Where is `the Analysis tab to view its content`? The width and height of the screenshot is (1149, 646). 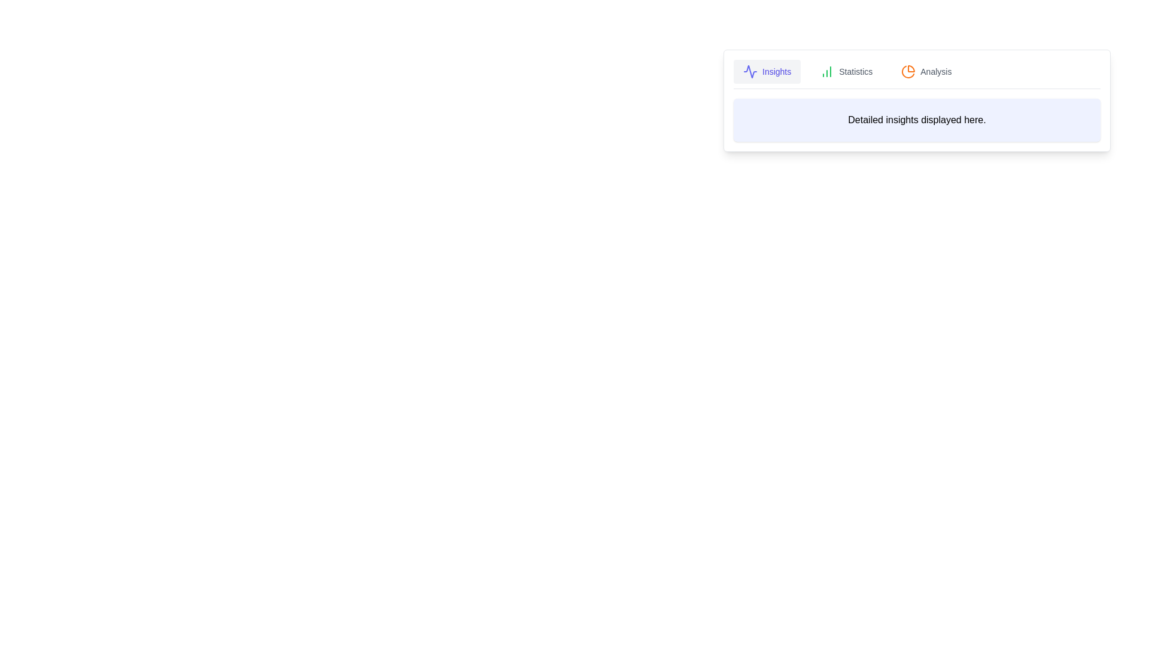
the Analysis tab to view its content is located at coordinates (926, 71).